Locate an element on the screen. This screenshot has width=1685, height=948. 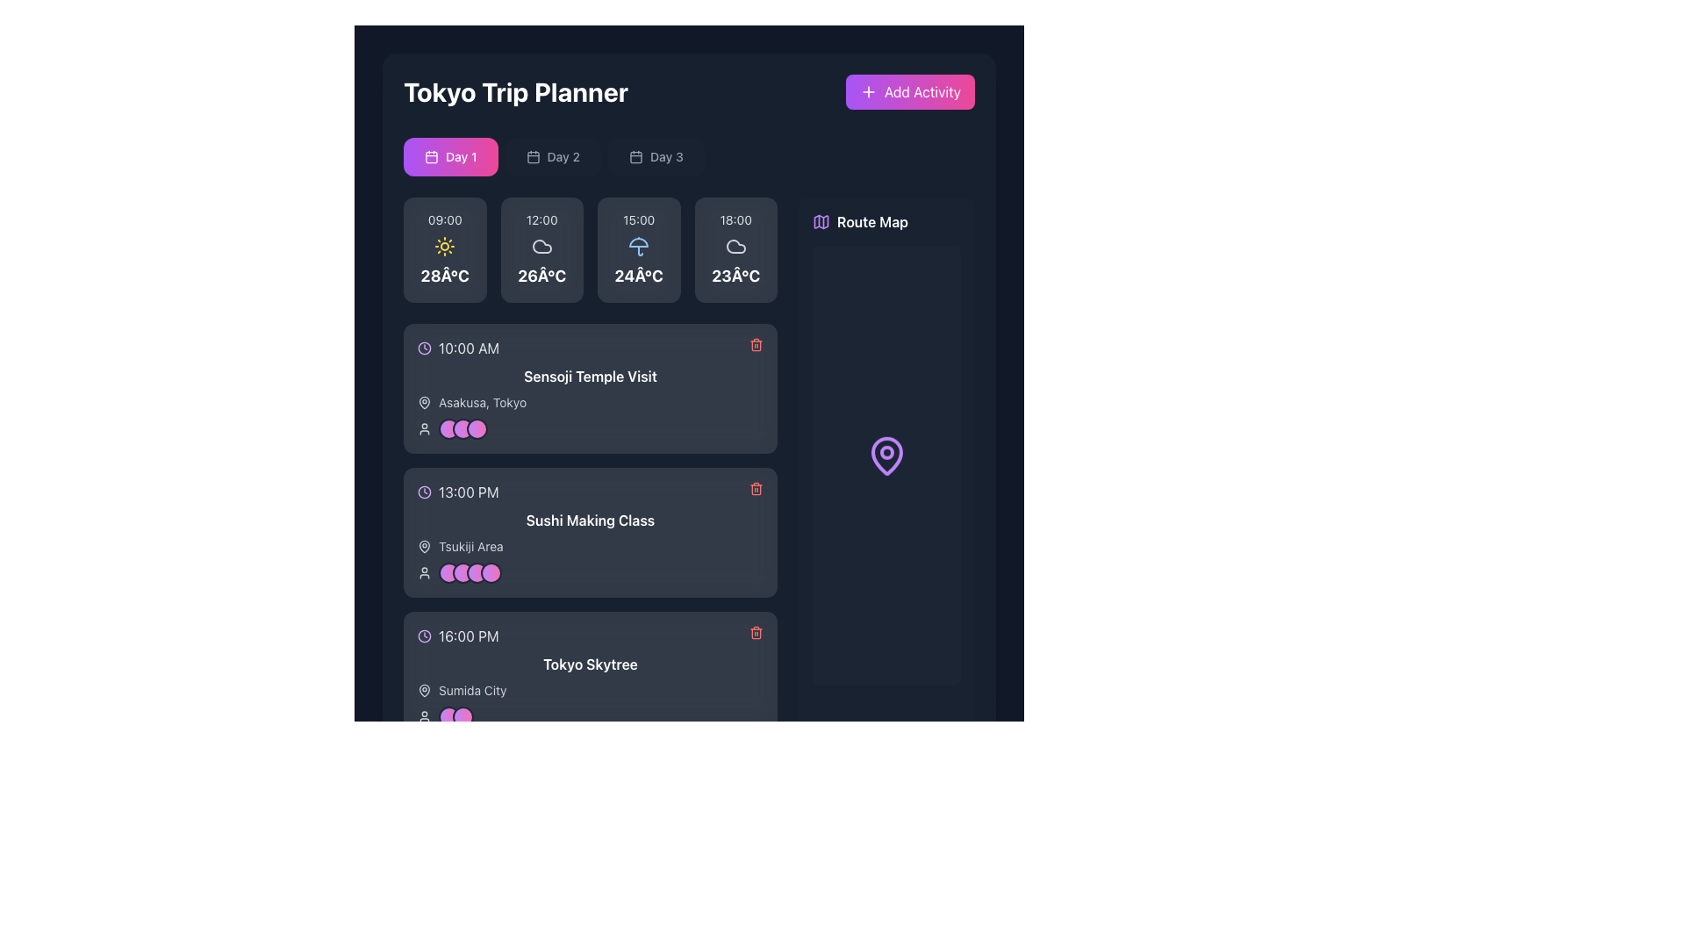
the button with combined icon and label located in the top-right section of the interface is located at coordinates (860, 221).